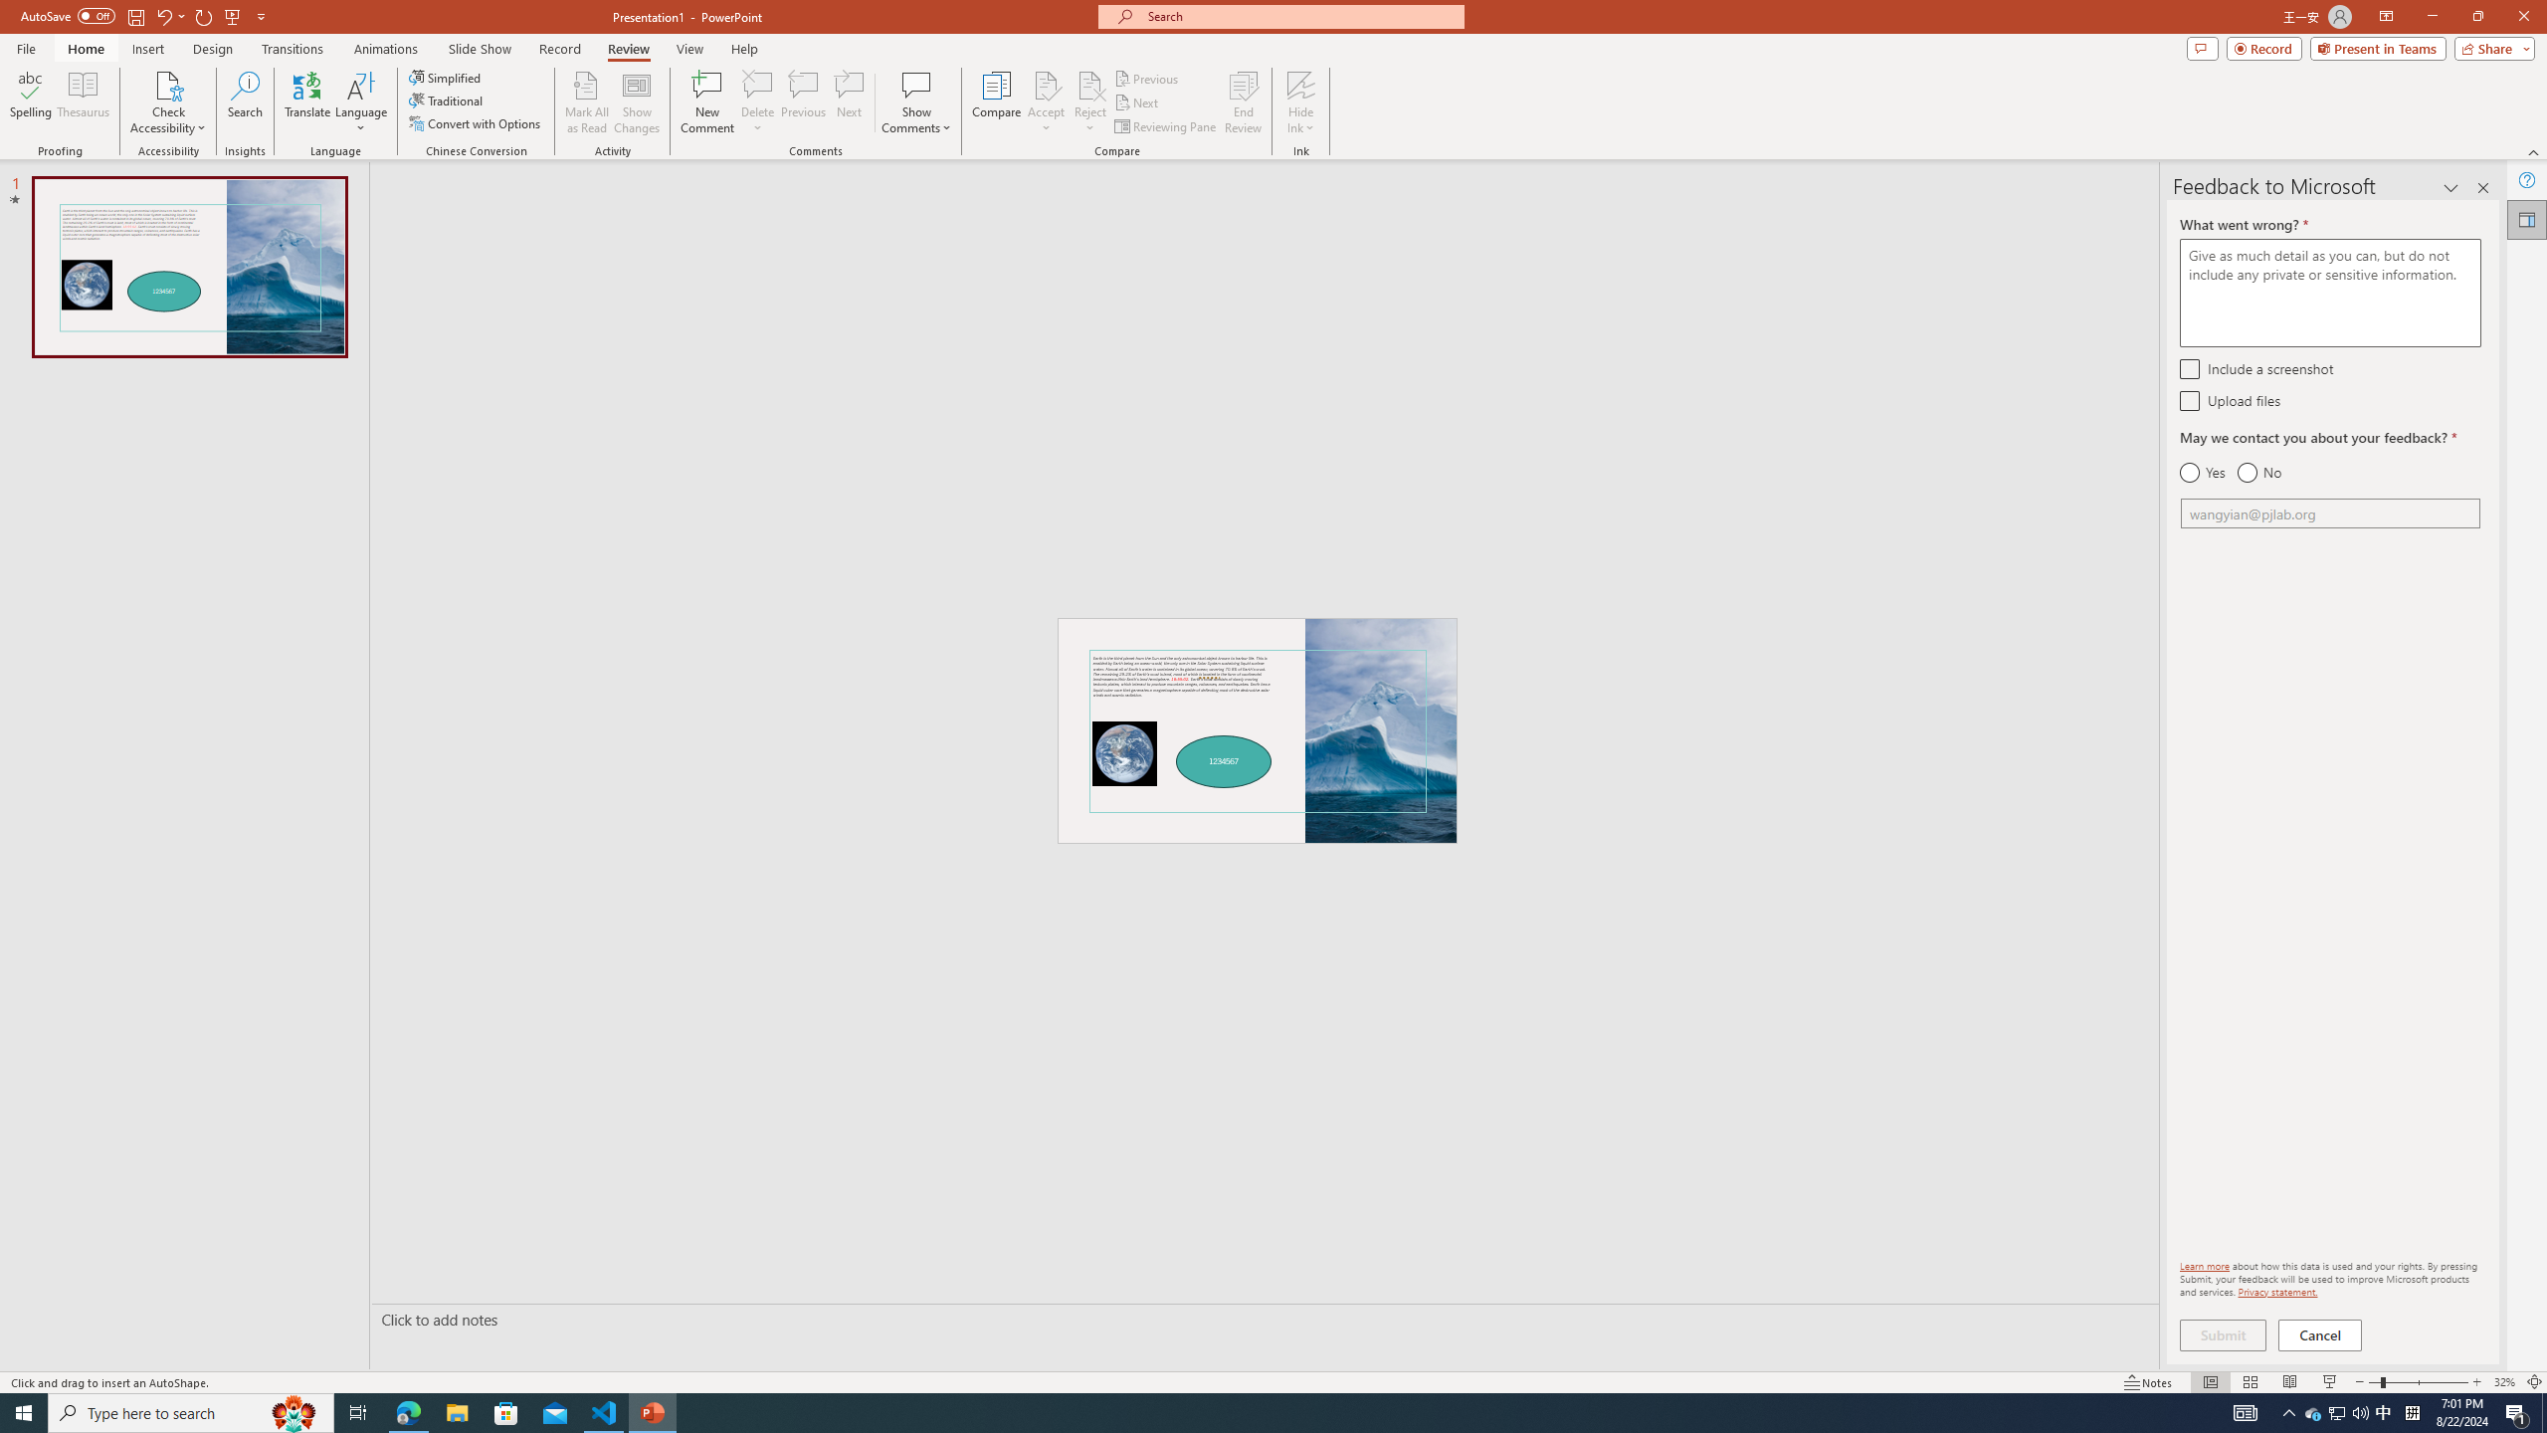 The width and height of the screenshot is (2547, 1433). Describe the element at coordinates (2204, 1265) in the screenshot. I see `'Learn more'` at that location.